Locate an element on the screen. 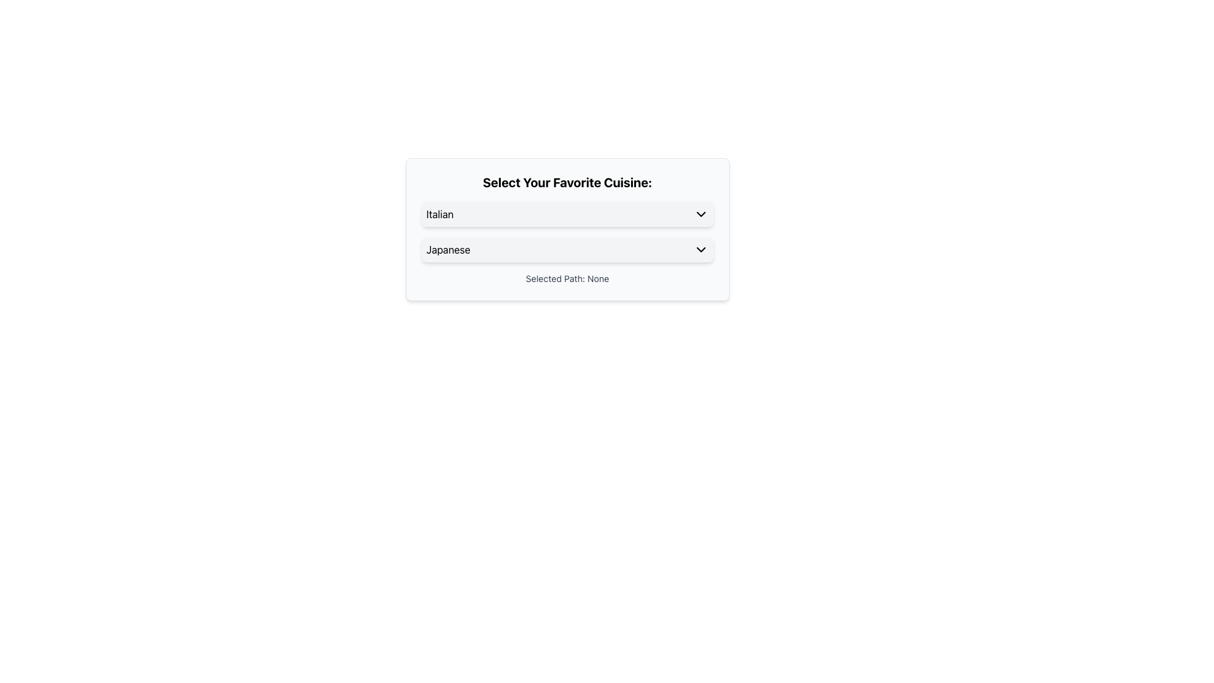 This screenshot has width=1214, height=683. the 'Japanese' dropdown button, which is the second element in a vertically stacked group of dropdowns with a light gray background and rounded corners is located at coordinates (567, 249).